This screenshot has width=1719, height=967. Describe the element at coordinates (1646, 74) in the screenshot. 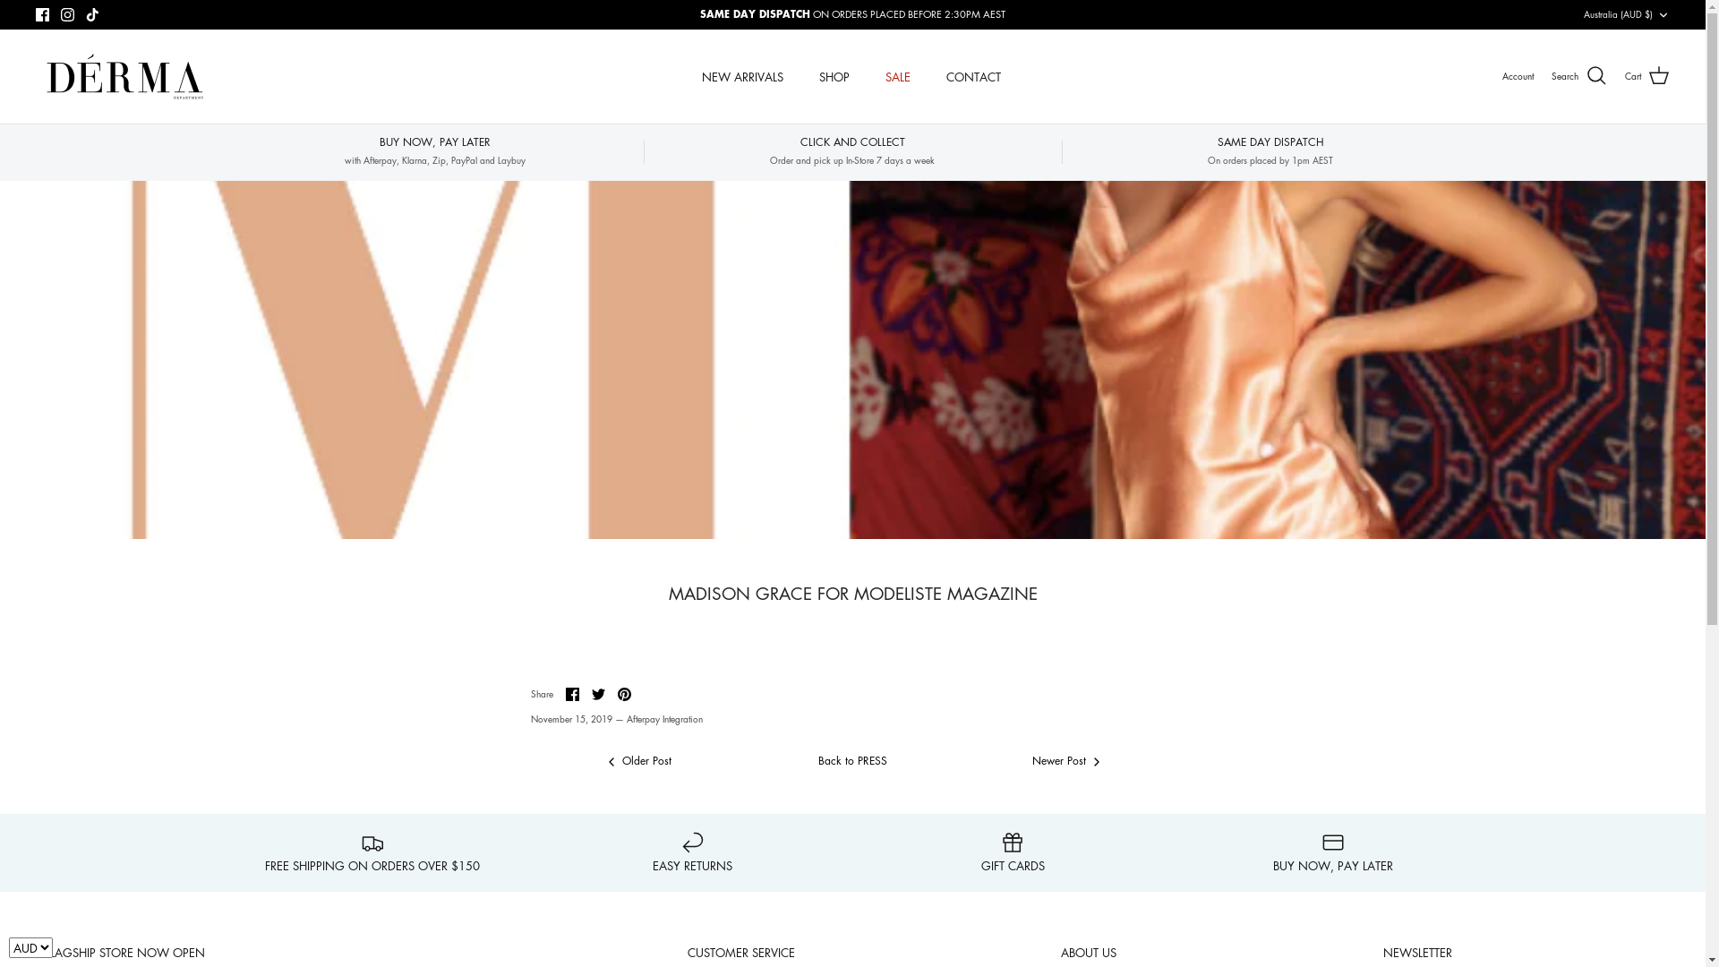

I see `'Cart'` at that location.